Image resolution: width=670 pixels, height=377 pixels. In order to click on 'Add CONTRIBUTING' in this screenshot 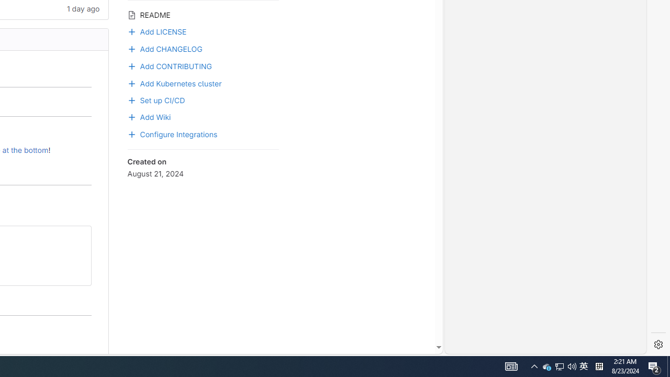, I will do `click(203, 65)`.